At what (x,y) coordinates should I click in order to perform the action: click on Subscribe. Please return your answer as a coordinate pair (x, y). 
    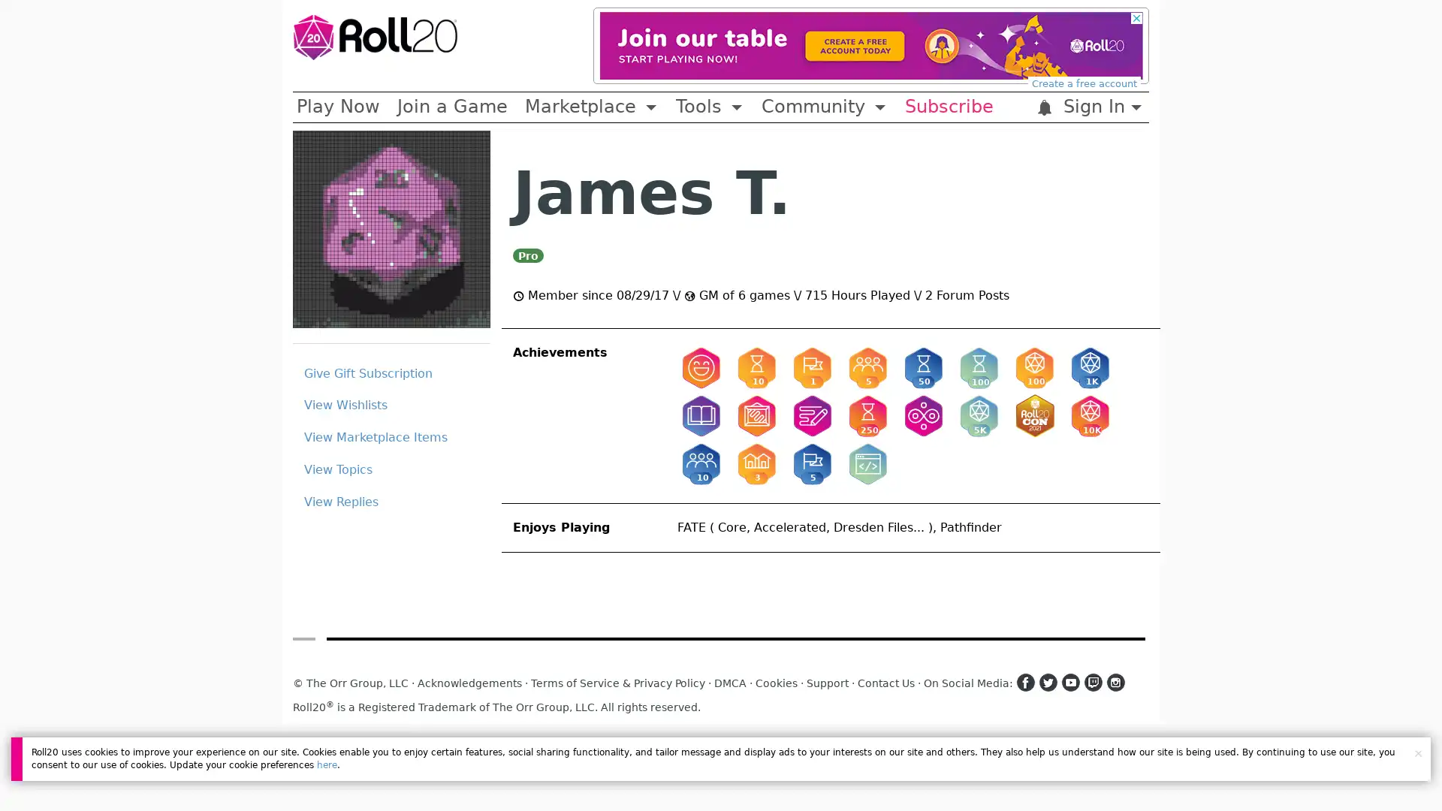
    Looking at the image, I should click on (948, 106).